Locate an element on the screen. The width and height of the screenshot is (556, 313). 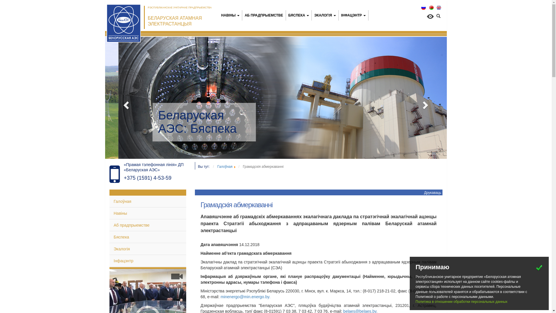
'minenergo@min.energo.by' is located at coordinates (245, 296).